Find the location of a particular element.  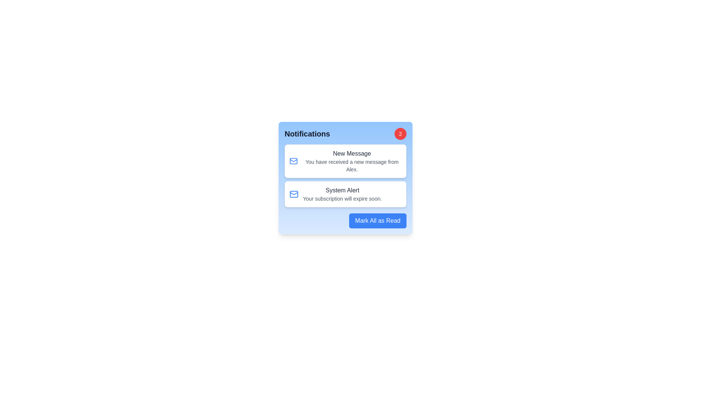

the Notification Card that informs the user about a new message received from Alex, which is the first notification card in the vertical list is located at coordinates (345, 160).